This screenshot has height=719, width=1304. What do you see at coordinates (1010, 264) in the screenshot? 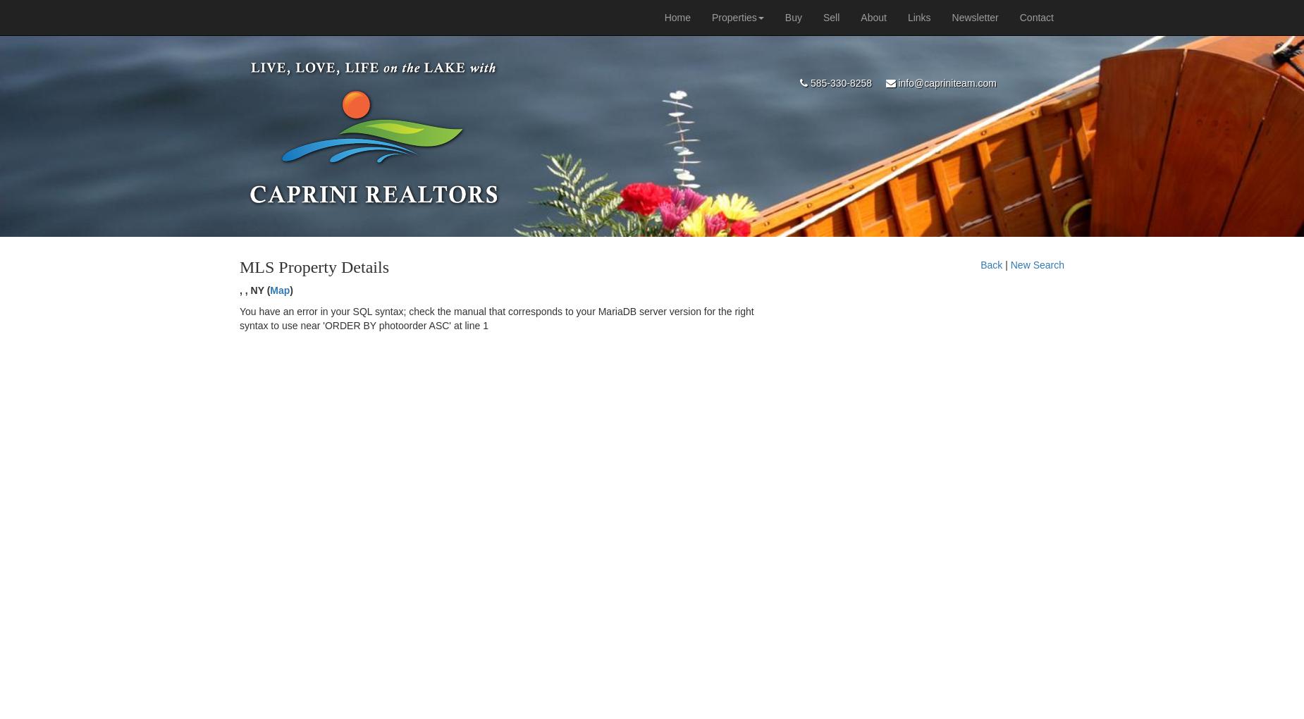
I see `'New Search'` at bounding box center [1010, 264].